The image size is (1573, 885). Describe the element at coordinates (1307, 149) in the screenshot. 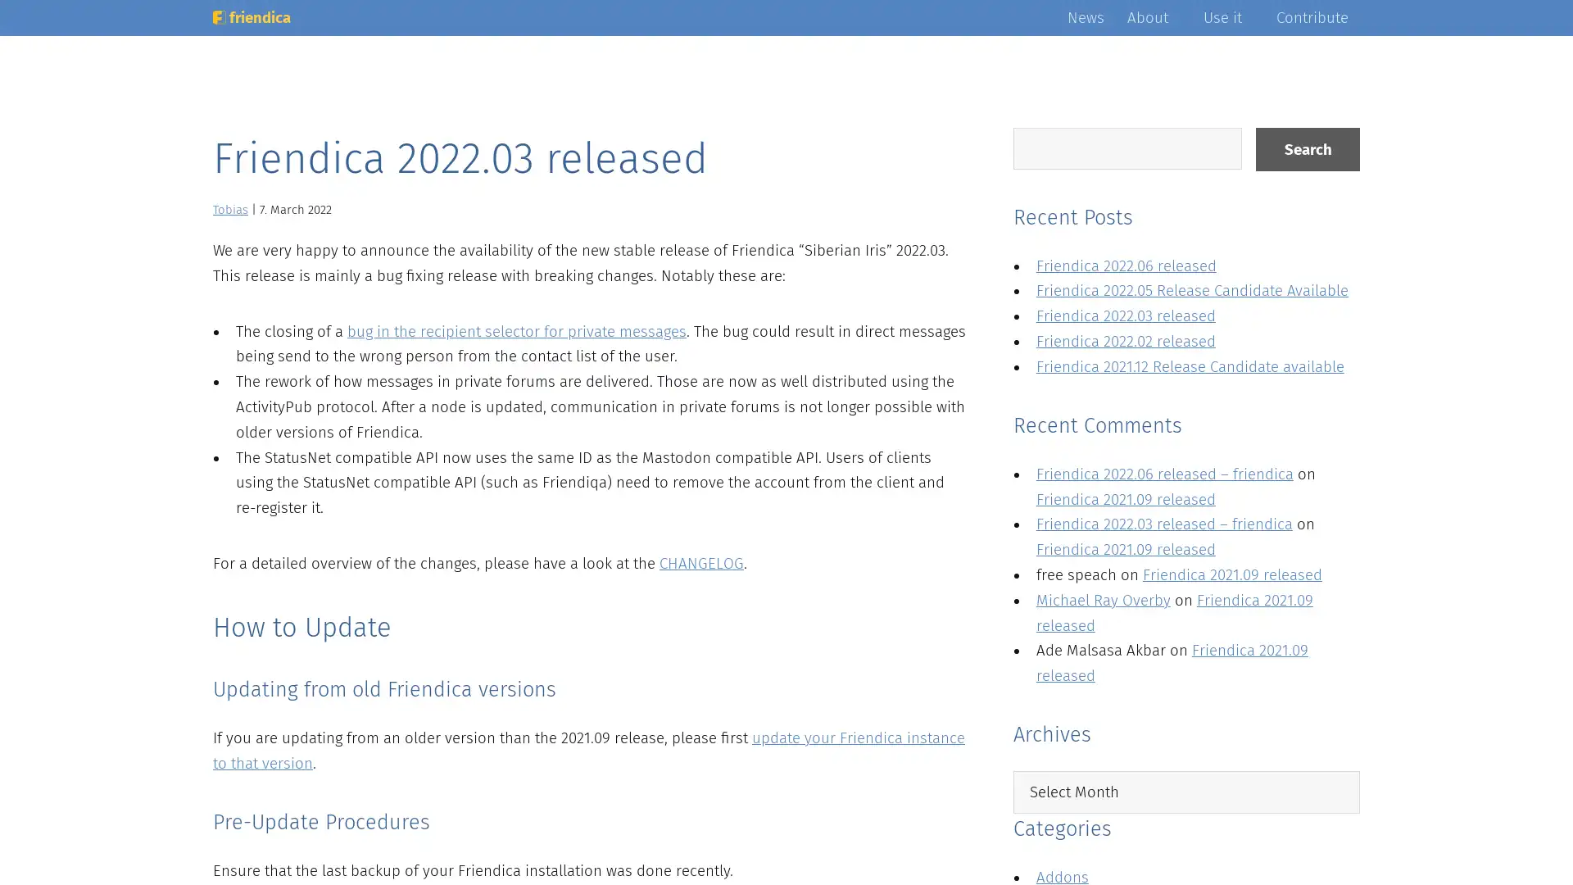

I see `Search` at that location.